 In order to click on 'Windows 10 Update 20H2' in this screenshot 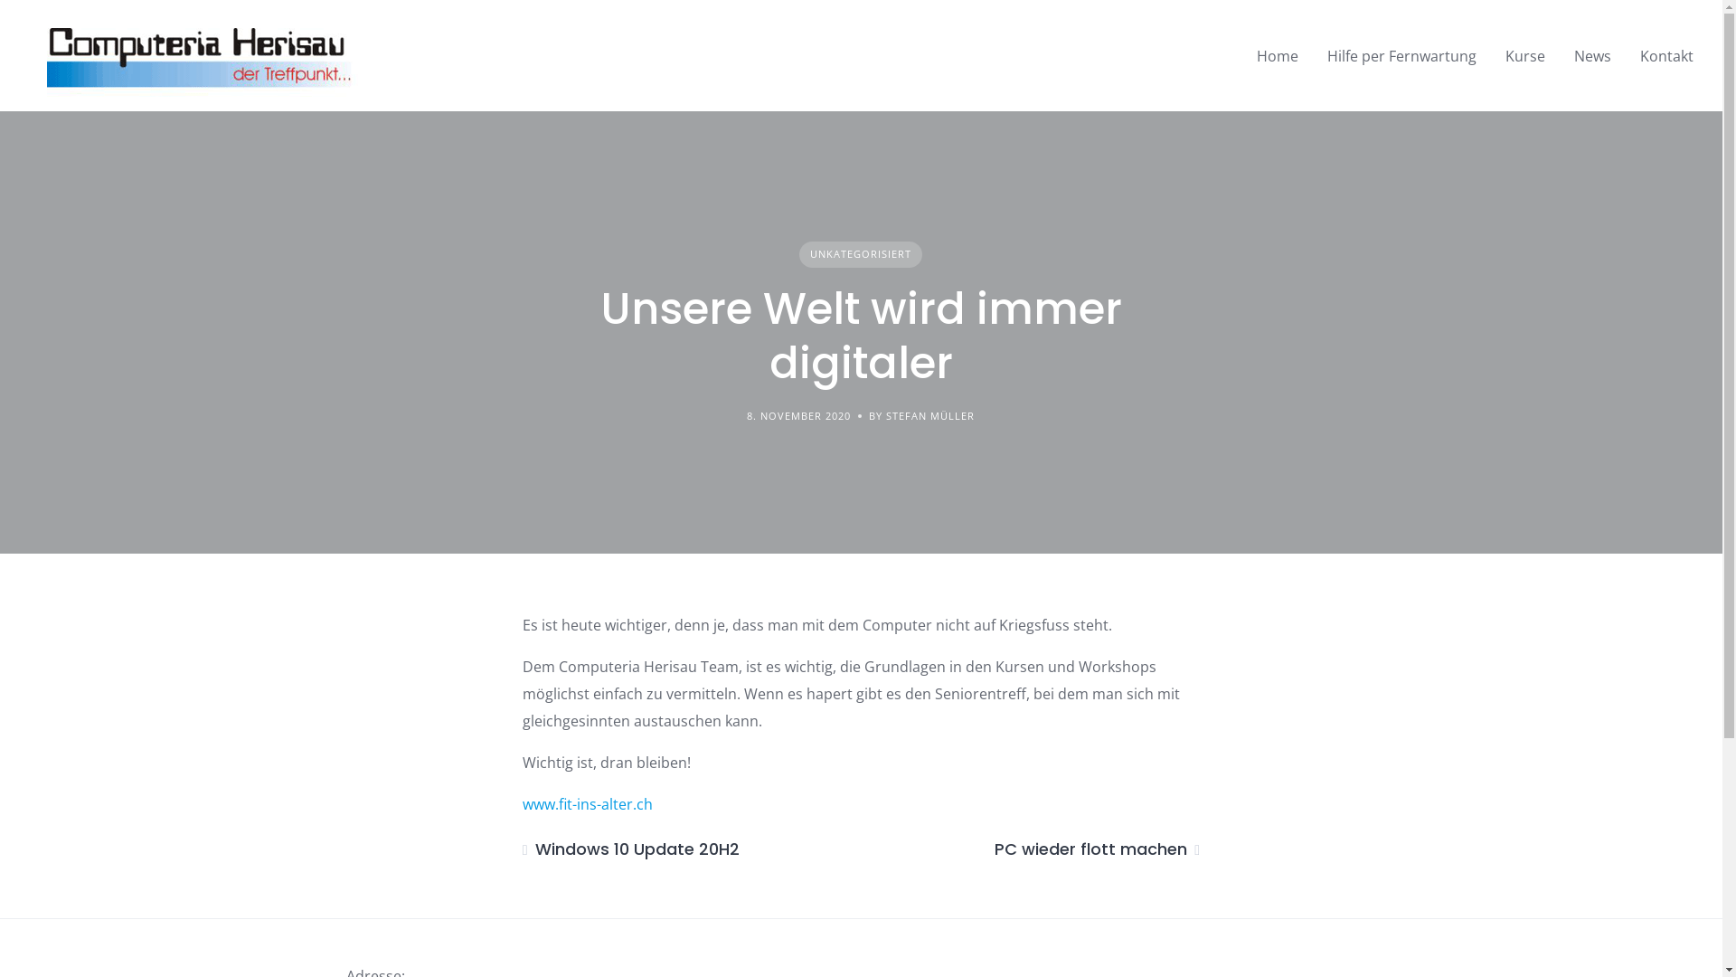, I will do `click(521, 849)`.